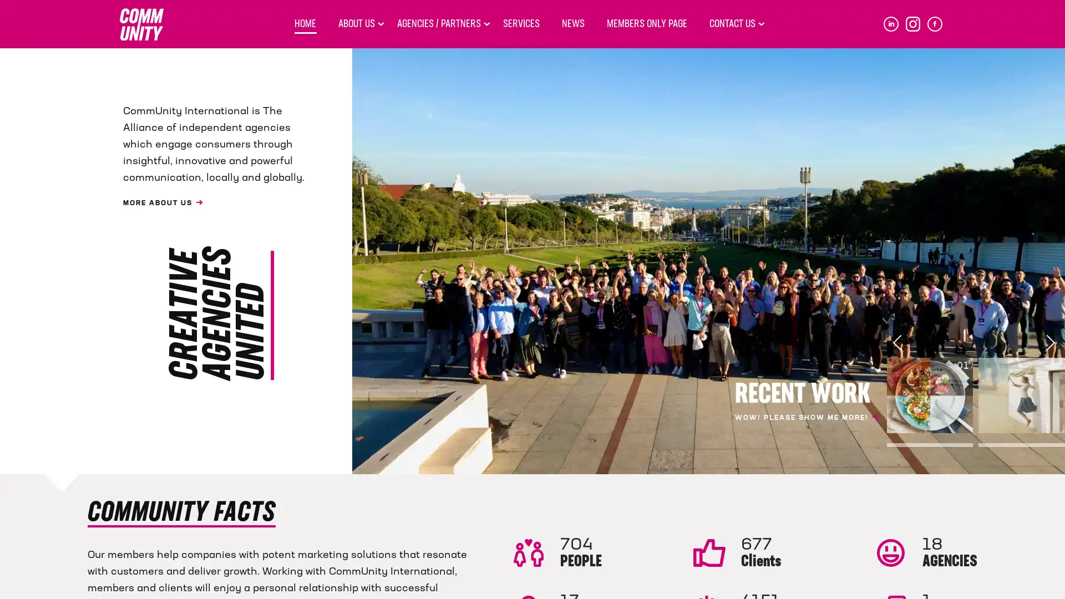 The height and width of the screenshot is (599, 1065). Describe the element at coordinates (1048, 348) in the screenshot. I see `Next slide` at that location.